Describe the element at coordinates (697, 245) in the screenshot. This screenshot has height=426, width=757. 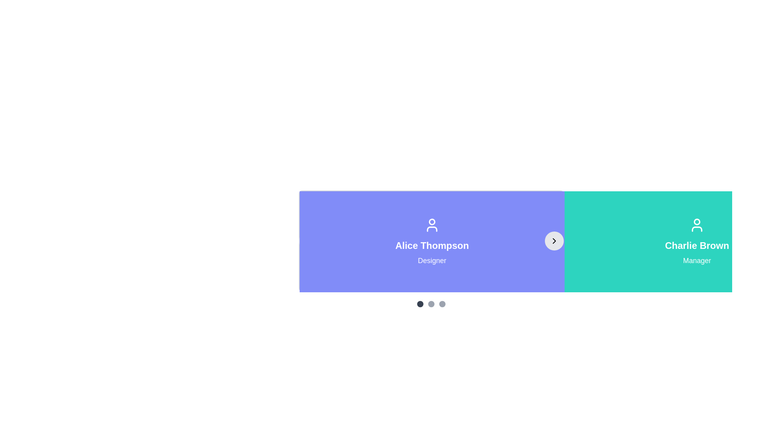
I see `the Label or Text Display that serves as a textual representation of a name, located underneath a user avatar icon and above the text 'Manager'` at that location.